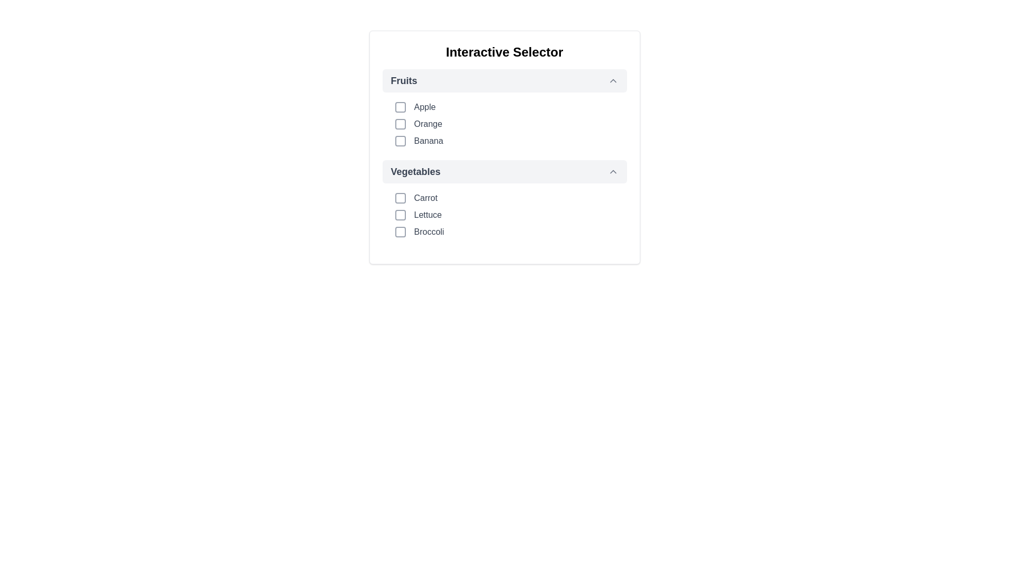 The width and height of the screenshot is (1016, 571). What do you see at coordinates (400, 124) in the screenshot?
I see `the checkbox located to the left of the text 'Orange' under the 'Fruits' section` at bounding box center [400, 124].